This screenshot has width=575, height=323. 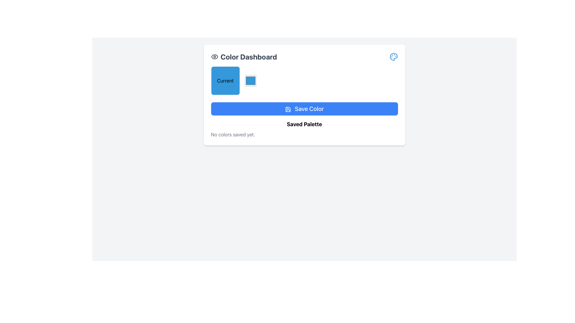 I want to click on the palette-shaped icon with a thin blue stroke located at the far right end of the header in the 'Color Dashboard' section, so click(x=394, y=57).